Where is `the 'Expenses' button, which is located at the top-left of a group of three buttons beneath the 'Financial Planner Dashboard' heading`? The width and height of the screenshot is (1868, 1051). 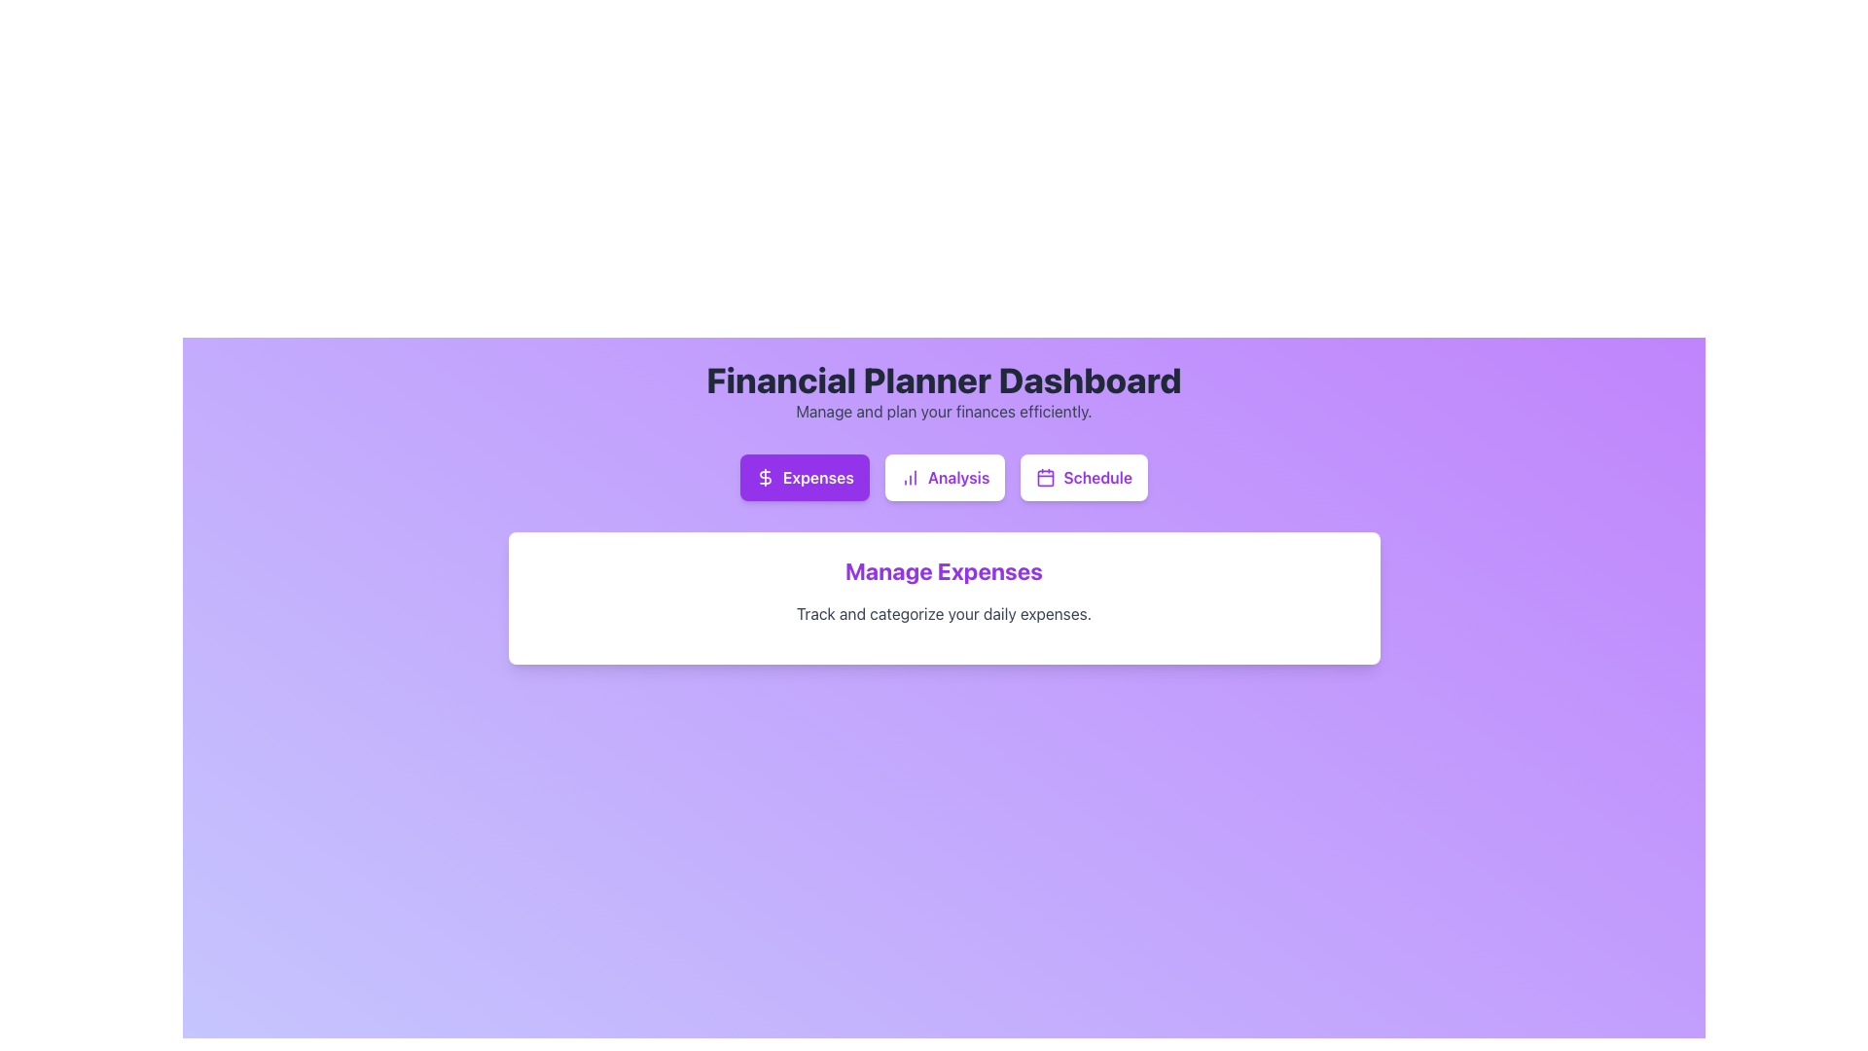 the 'Expenses' button, which is located at the top-left of a group of three buttons beneath the 'Financial Planner Dashboard' heading is located at coordinates (765, 477).